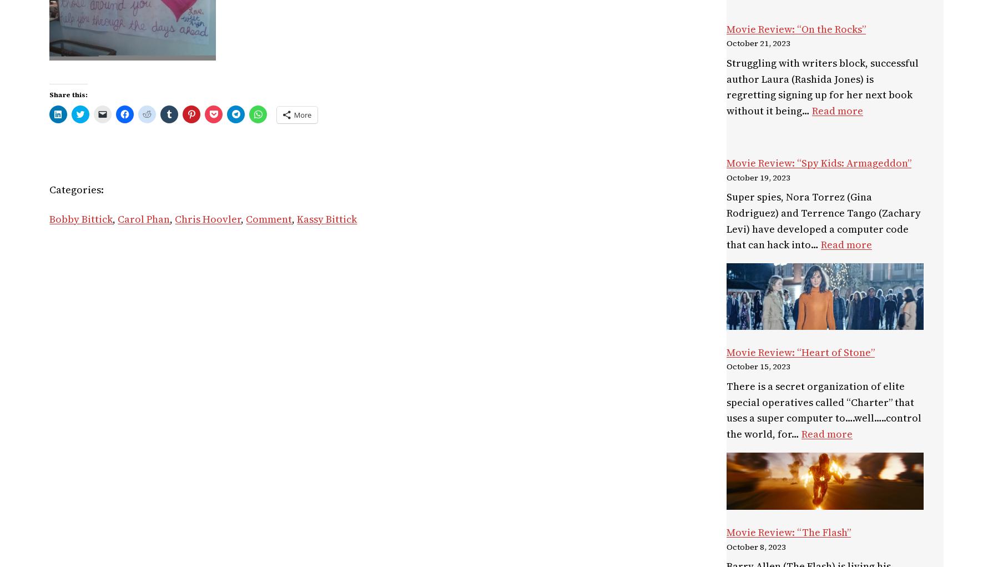  What do you see at coordinates (789, 531) in the screenshot?
I see `'Movie Review: “The Flash”'` at bounding box center [789, 531].